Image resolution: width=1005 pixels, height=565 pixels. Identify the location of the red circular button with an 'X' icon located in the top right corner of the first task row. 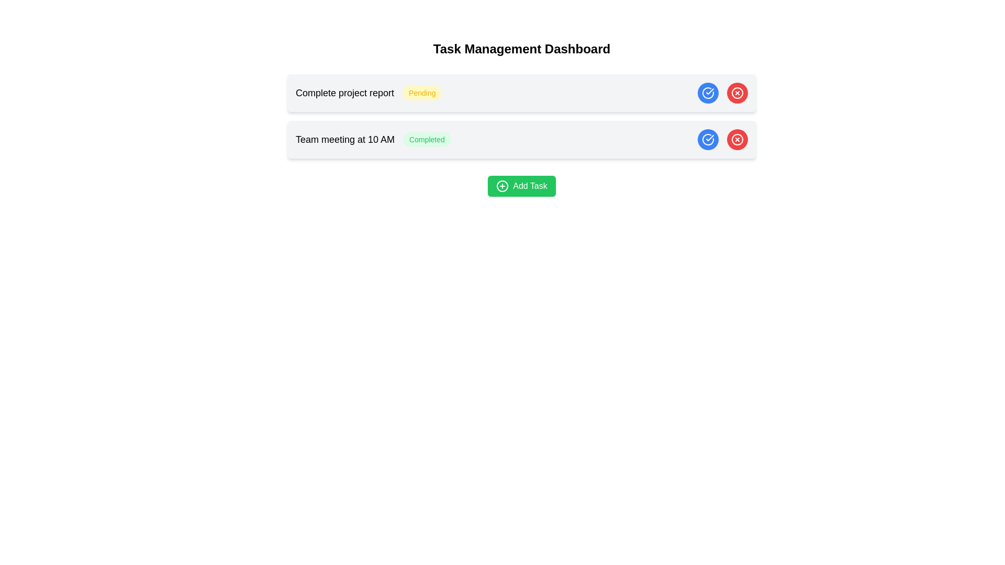
(737, 92).